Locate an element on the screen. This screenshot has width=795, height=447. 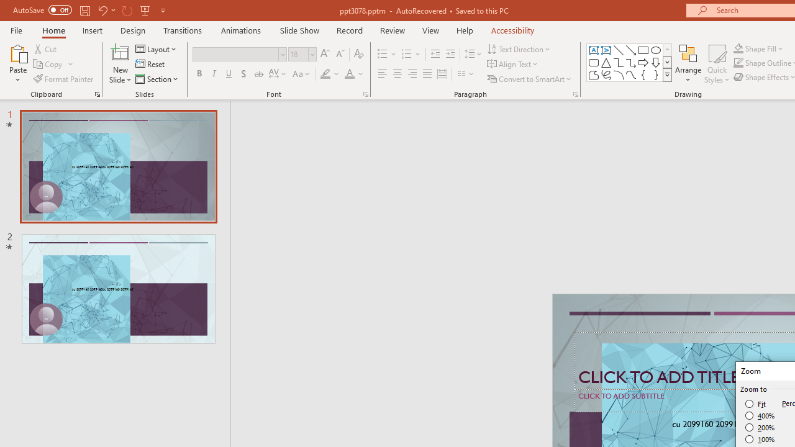
'Font Color Red' is located at coordinates (348, 74).